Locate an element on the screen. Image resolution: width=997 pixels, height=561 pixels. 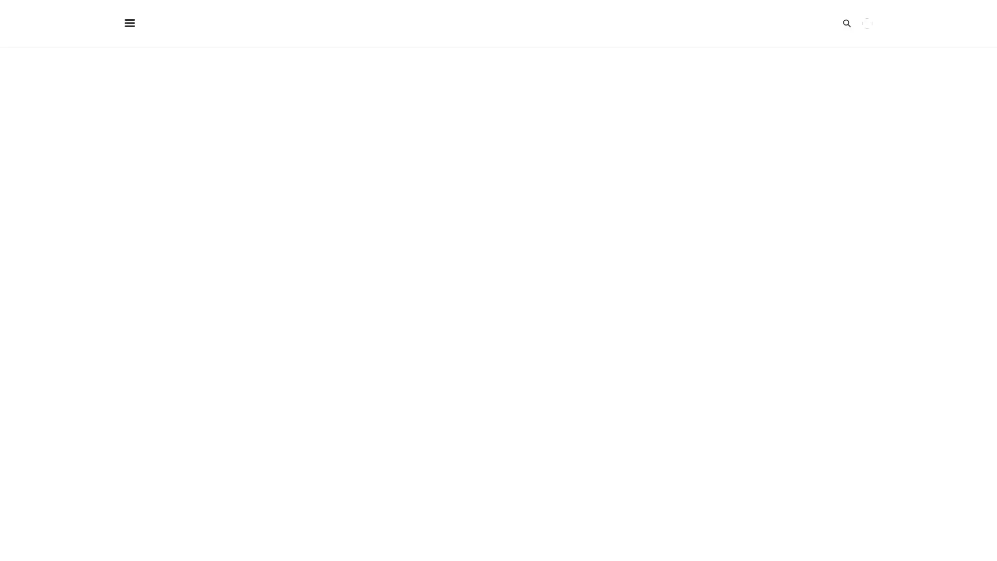
Expand search is located at coordinates (821, 23).